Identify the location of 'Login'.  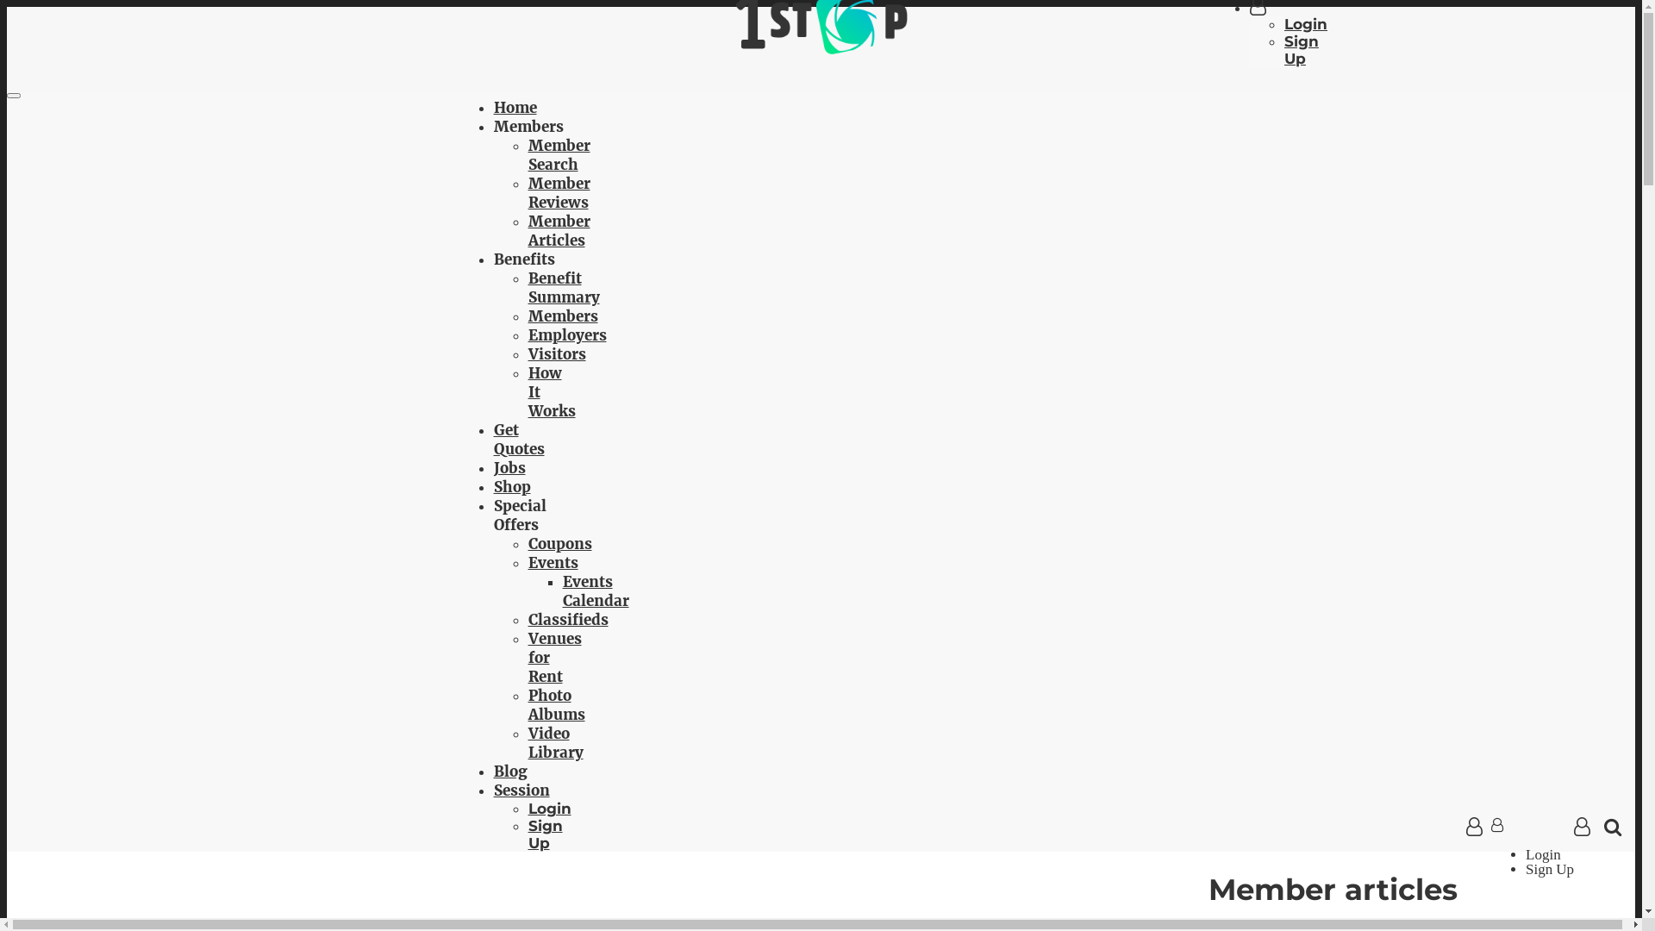
(548, 808).